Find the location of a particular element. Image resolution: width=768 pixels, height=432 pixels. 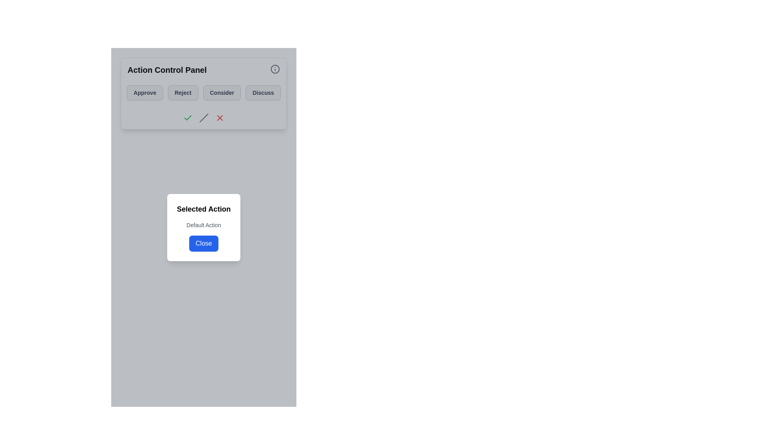

the circular gray information icon next to the 'Action Control Panel' header text is located at coordinates (204, 69).